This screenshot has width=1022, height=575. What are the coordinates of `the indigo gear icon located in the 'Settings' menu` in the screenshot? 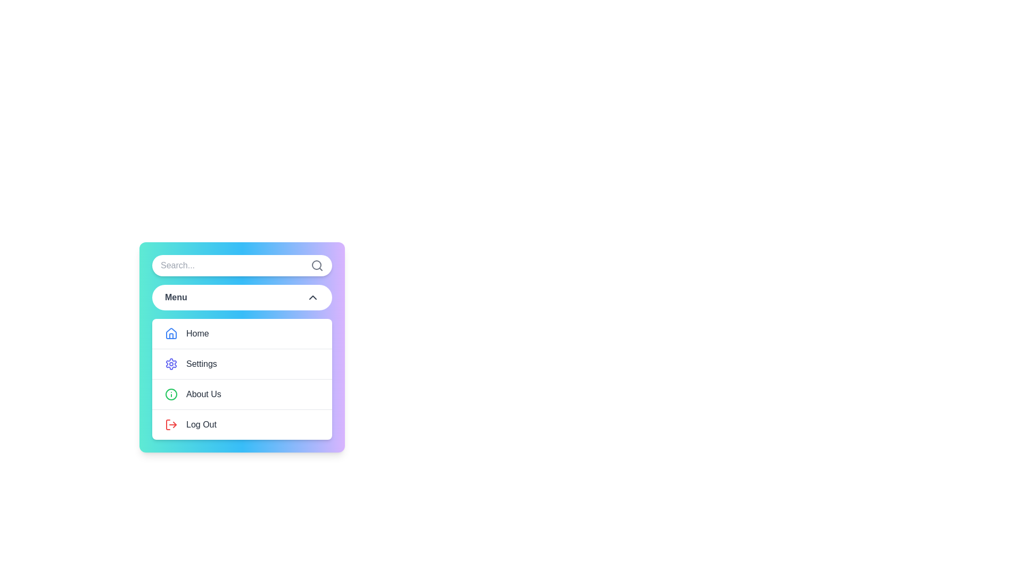 It's located at (171, 363).